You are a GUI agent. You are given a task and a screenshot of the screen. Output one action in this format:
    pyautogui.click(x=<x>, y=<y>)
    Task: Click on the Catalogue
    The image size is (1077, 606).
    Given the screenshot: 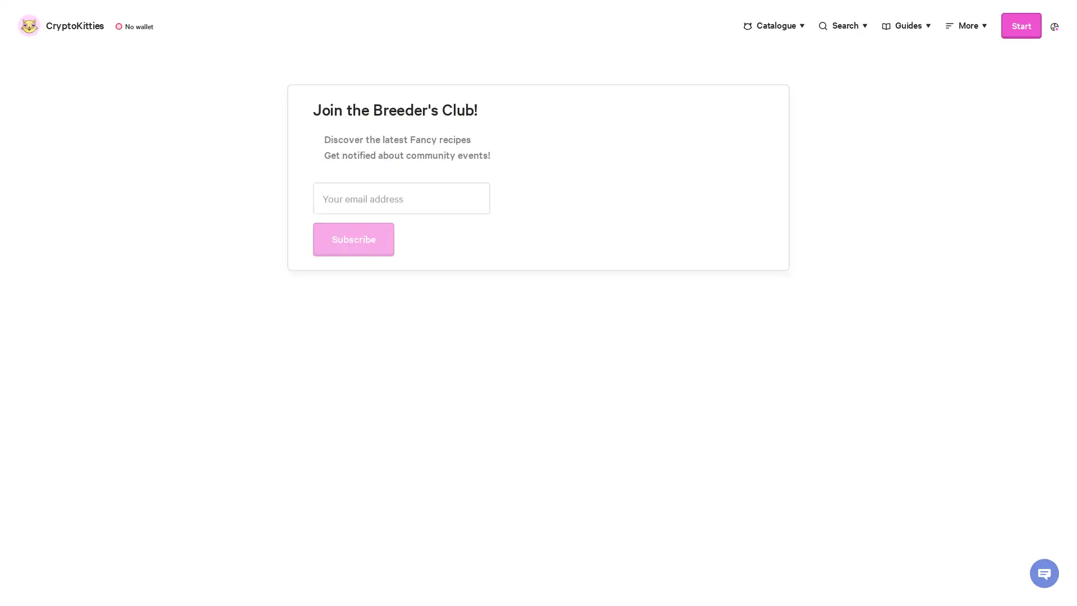 What is the action you would take?
    pyautogui.click(x=774, y=25)
    